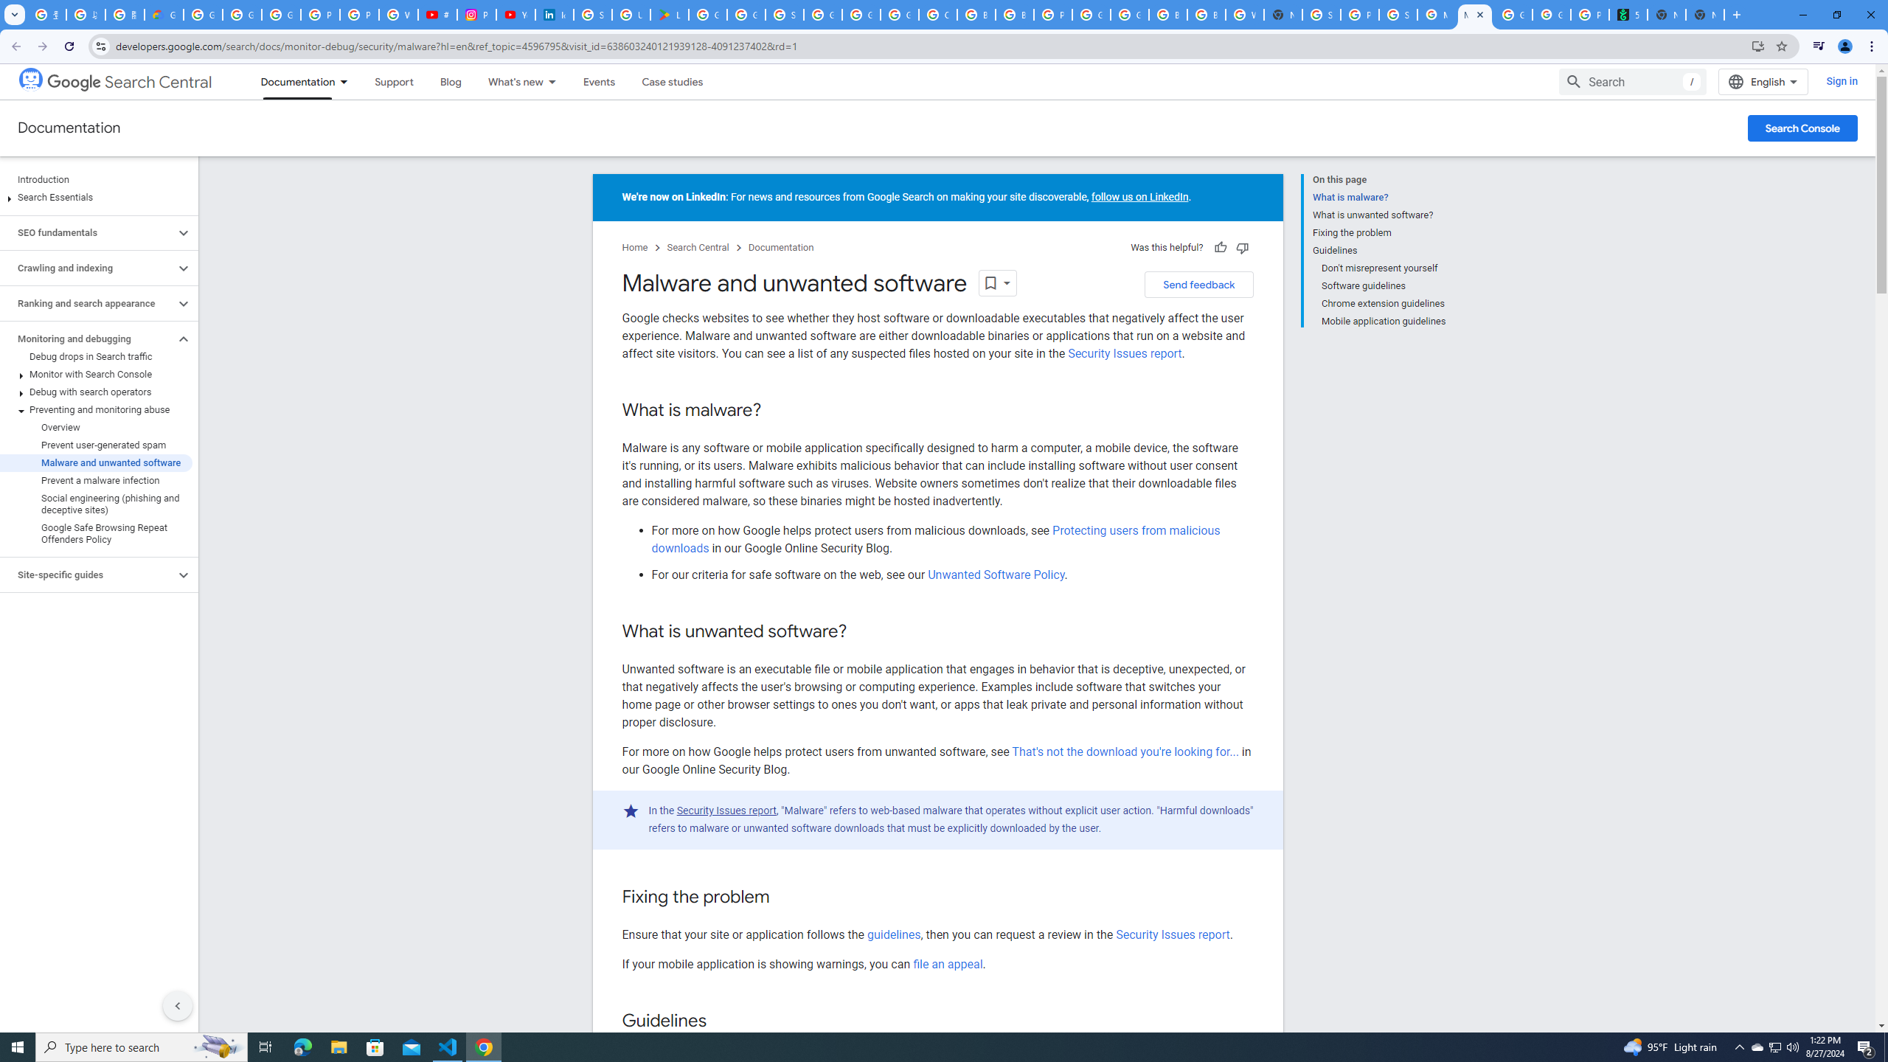 The width and height of the screenshot is (1888, 1062). What do you see at coordinates (634, 248) in the screenshot?
I see `'Home'` at bounding box center [634, 248].